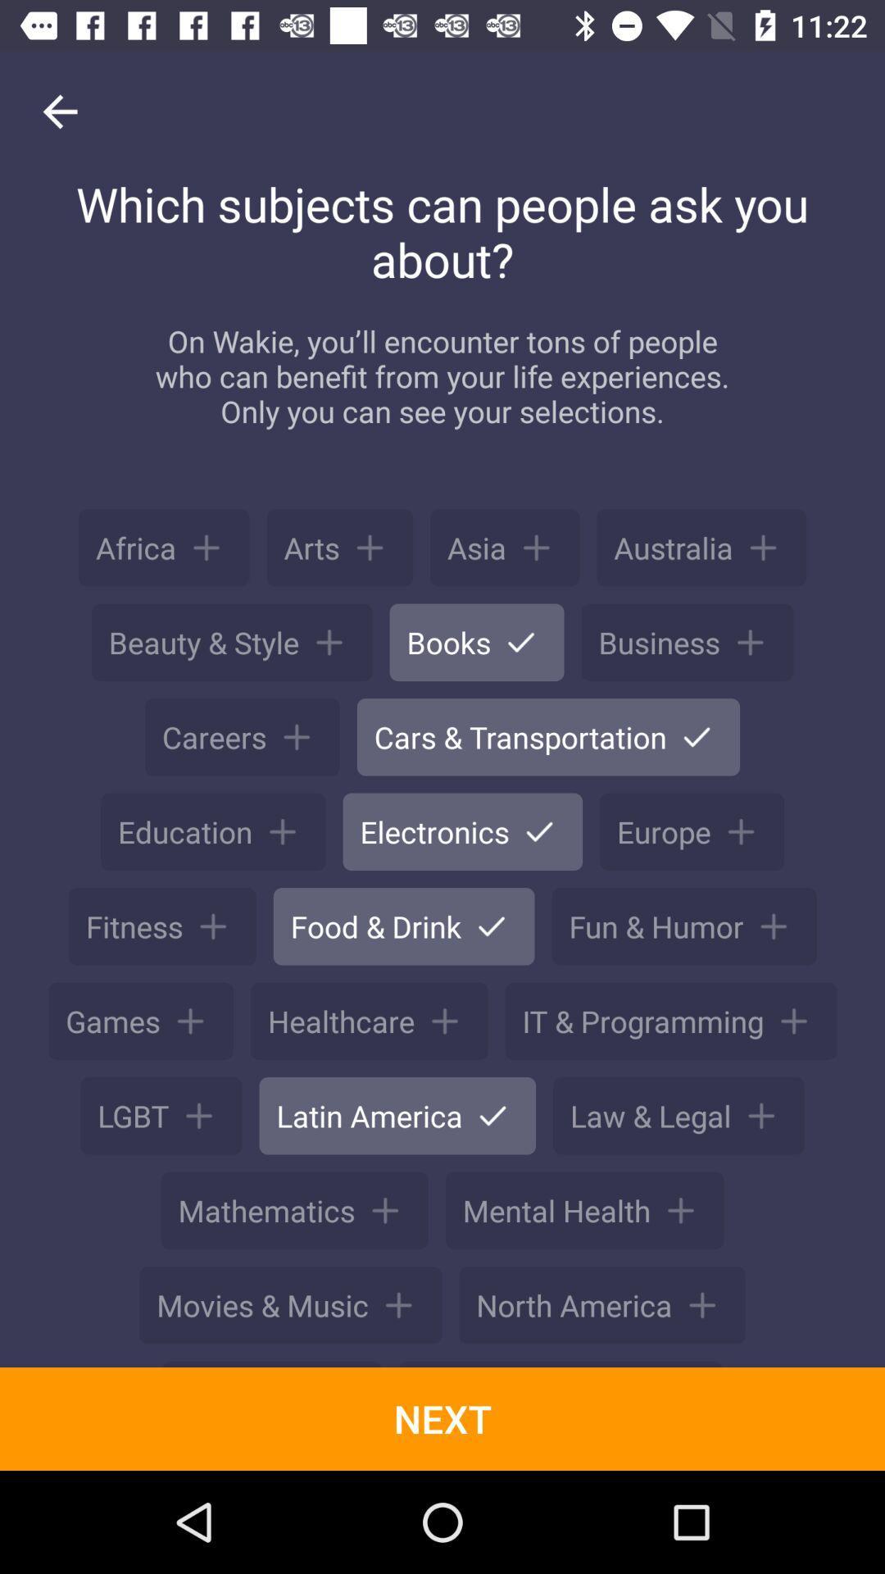  I want to click on the text europe, so click(692, 831).